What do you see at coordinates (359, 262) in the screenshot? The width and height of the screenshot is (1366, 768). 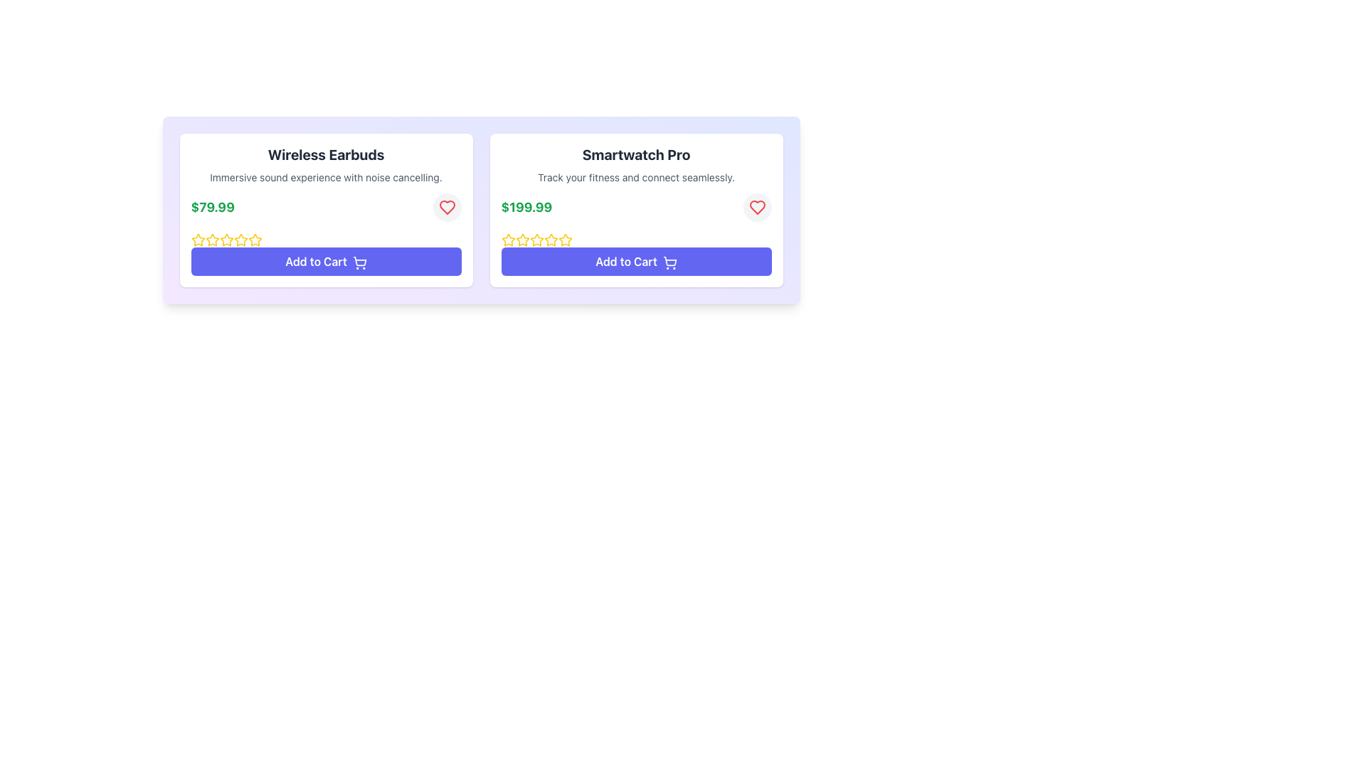 I see `the icon on the right end of the 'Add to Cart' button for 'Wireless Earbuds'` at bounding box center [359, 262].